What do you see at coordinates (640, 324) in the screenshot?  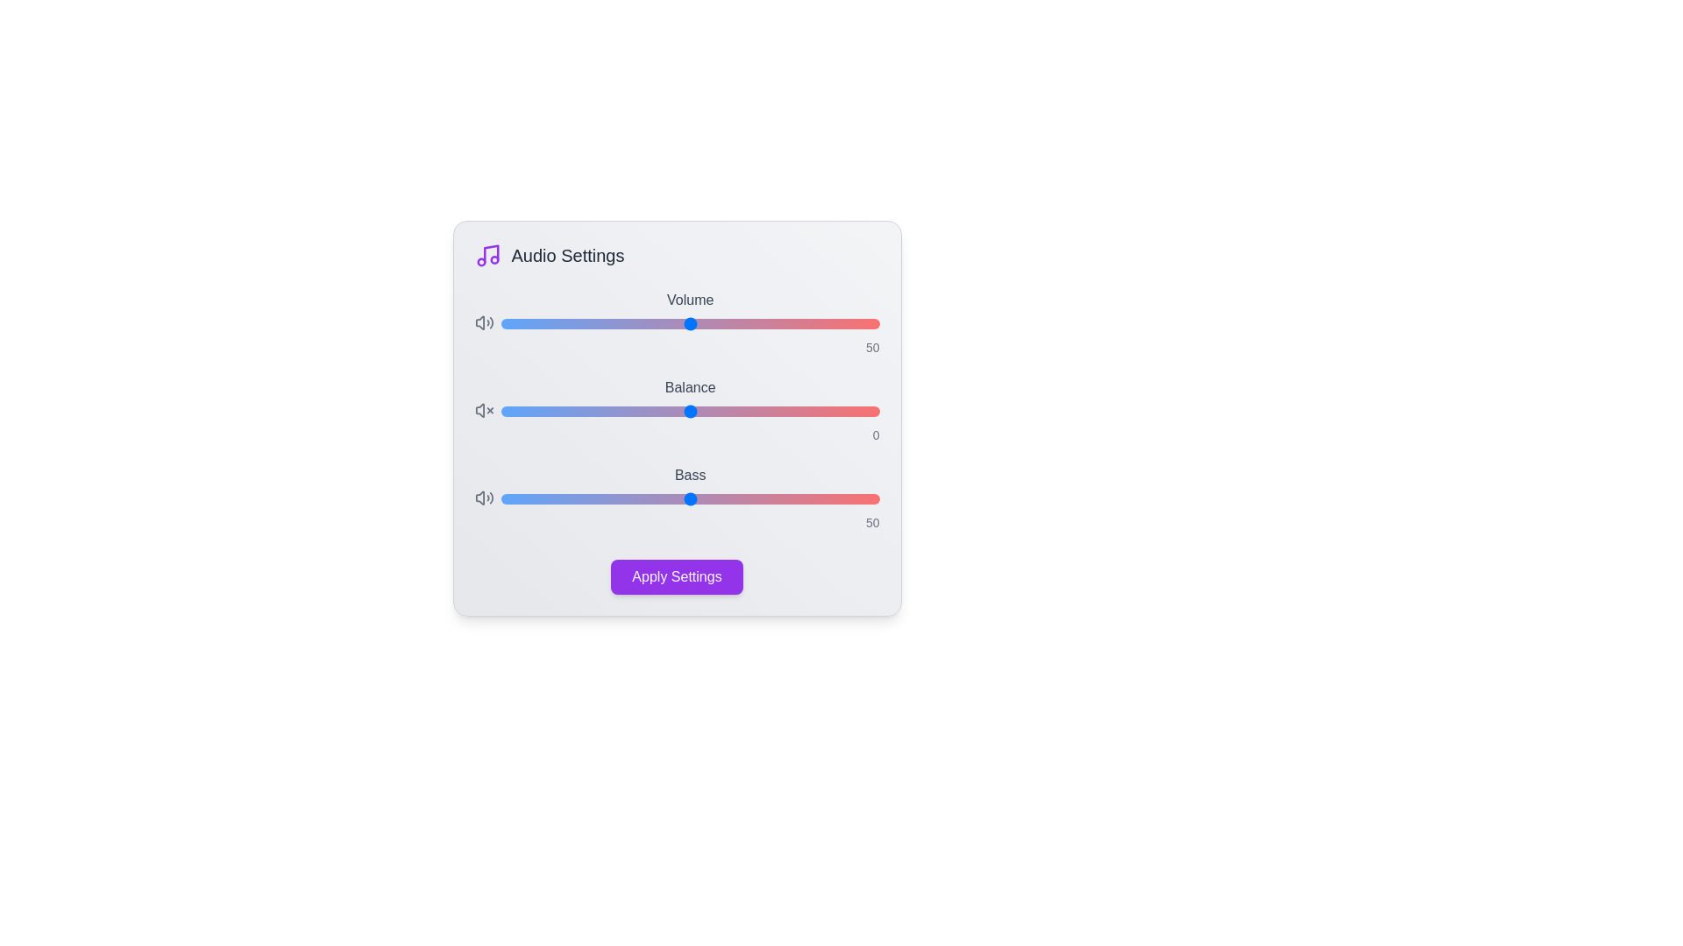 I see `the 'Volume' slider to set the volume level to 37` at bounding box center [640, 324].